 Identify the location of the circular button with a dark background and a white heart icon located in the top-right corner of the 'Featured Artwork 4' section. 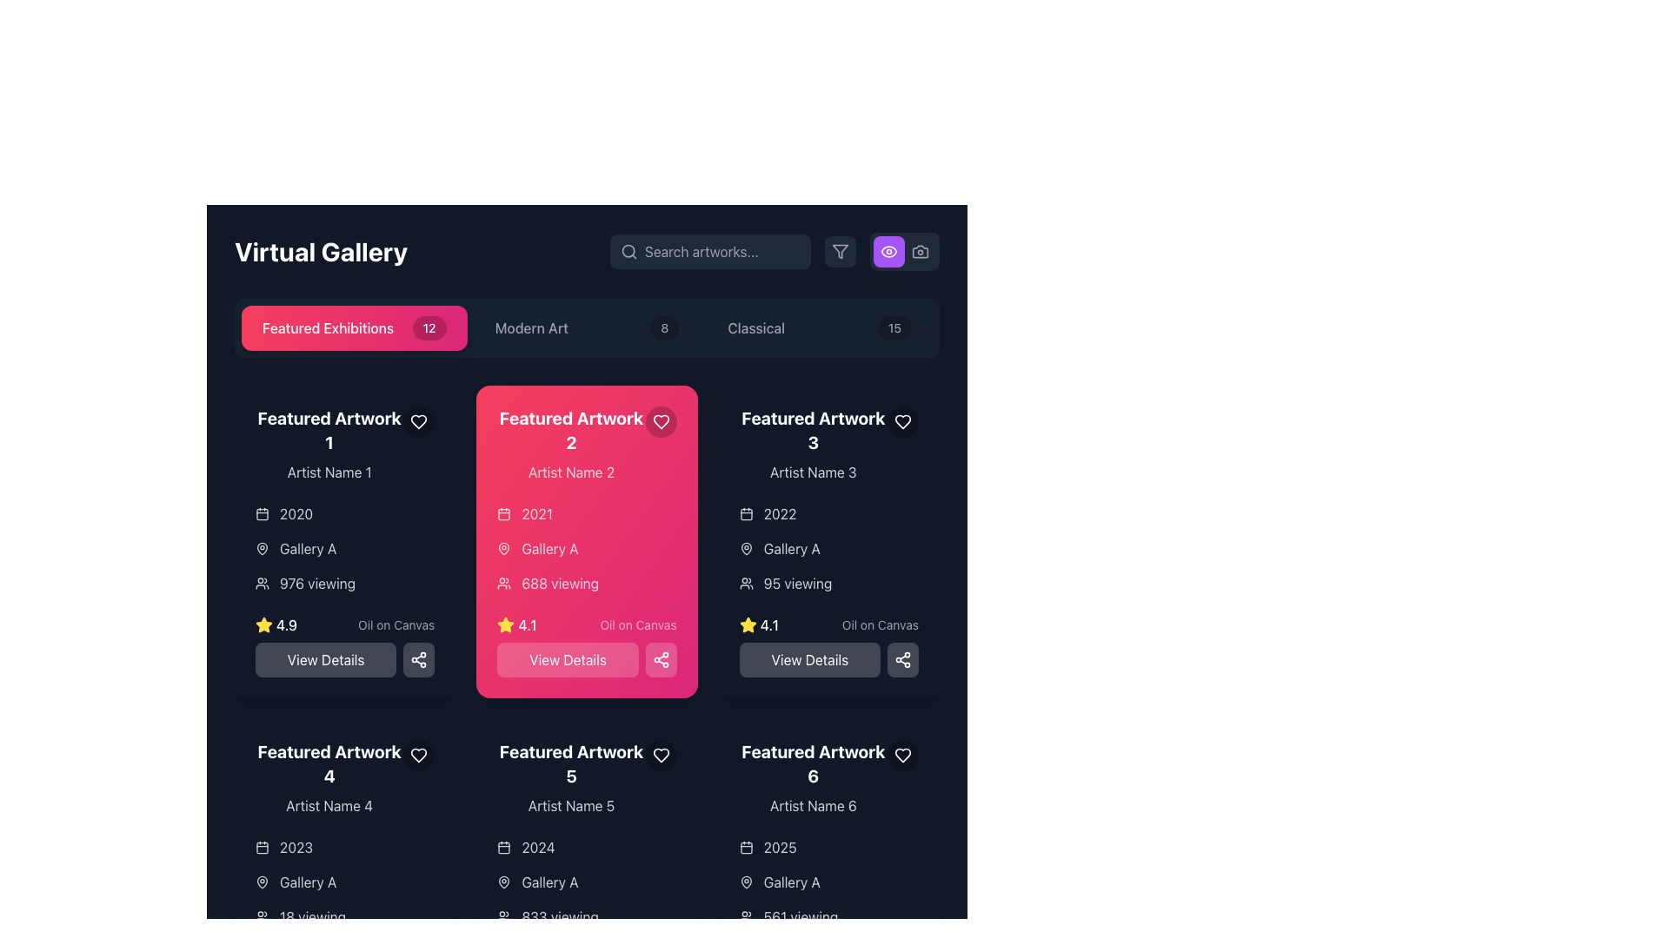
(419, 755).